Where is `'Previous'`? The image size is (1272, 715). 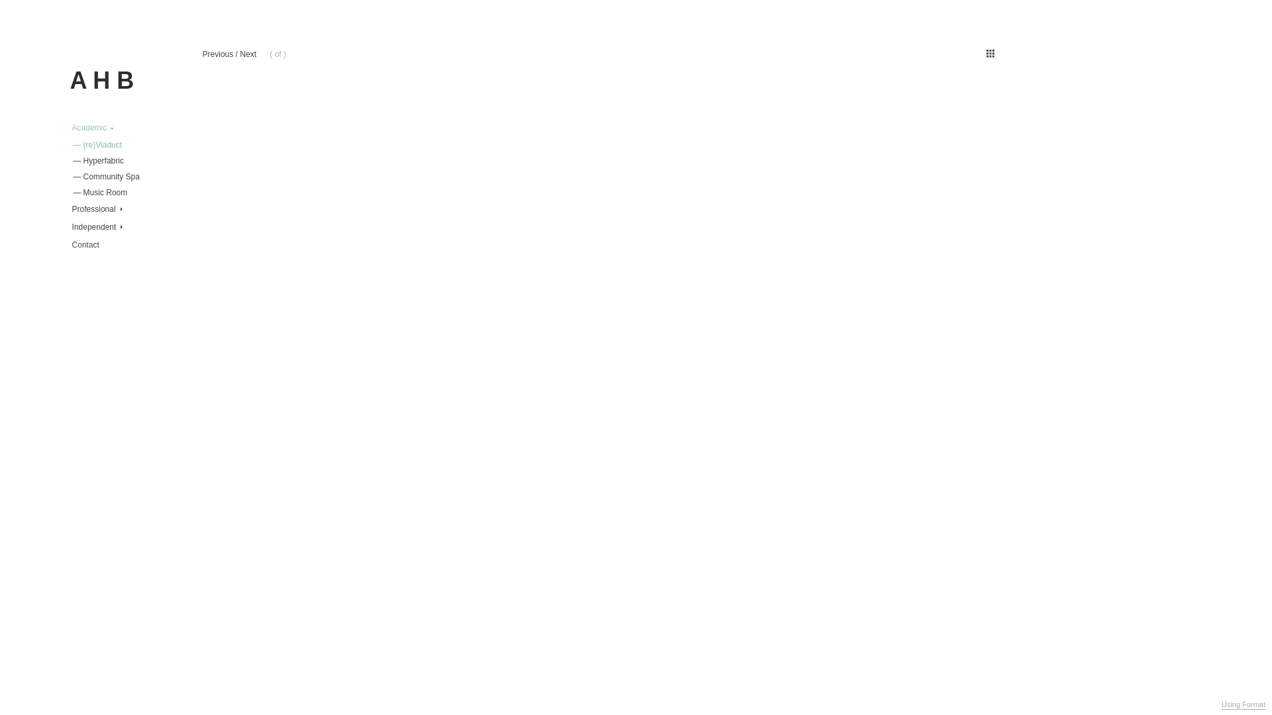 'Previous' is located at coordinates (202, 53).